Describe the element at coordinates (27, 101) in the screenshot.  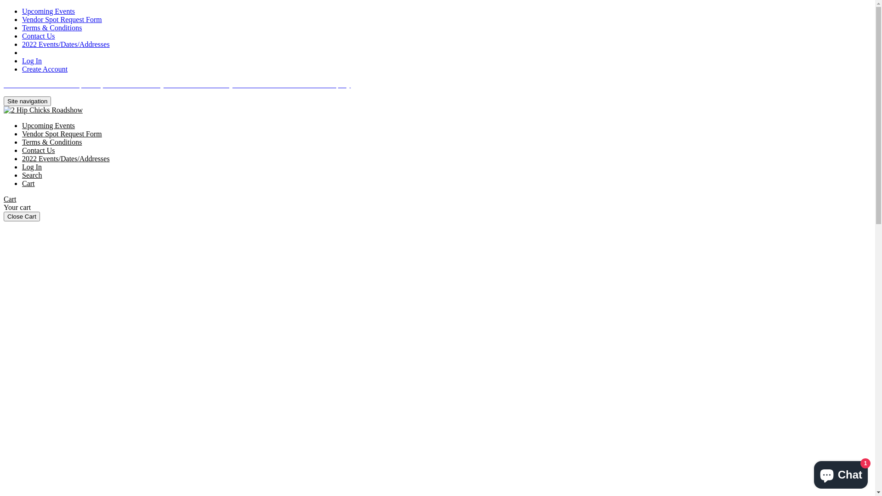
I see `'Site navigation'` at that location.